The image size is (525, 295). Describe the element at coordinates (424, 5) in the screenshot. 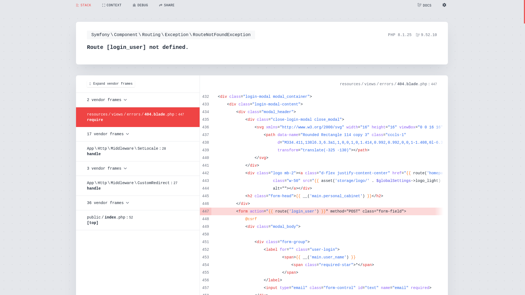

I see `'DOCS'` at that location.